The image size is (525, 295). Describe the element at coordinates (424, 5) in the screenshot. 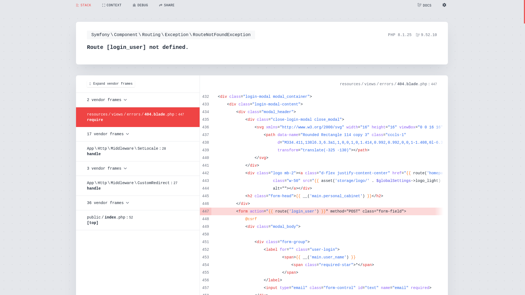

I see `'DOCS'` at that location.